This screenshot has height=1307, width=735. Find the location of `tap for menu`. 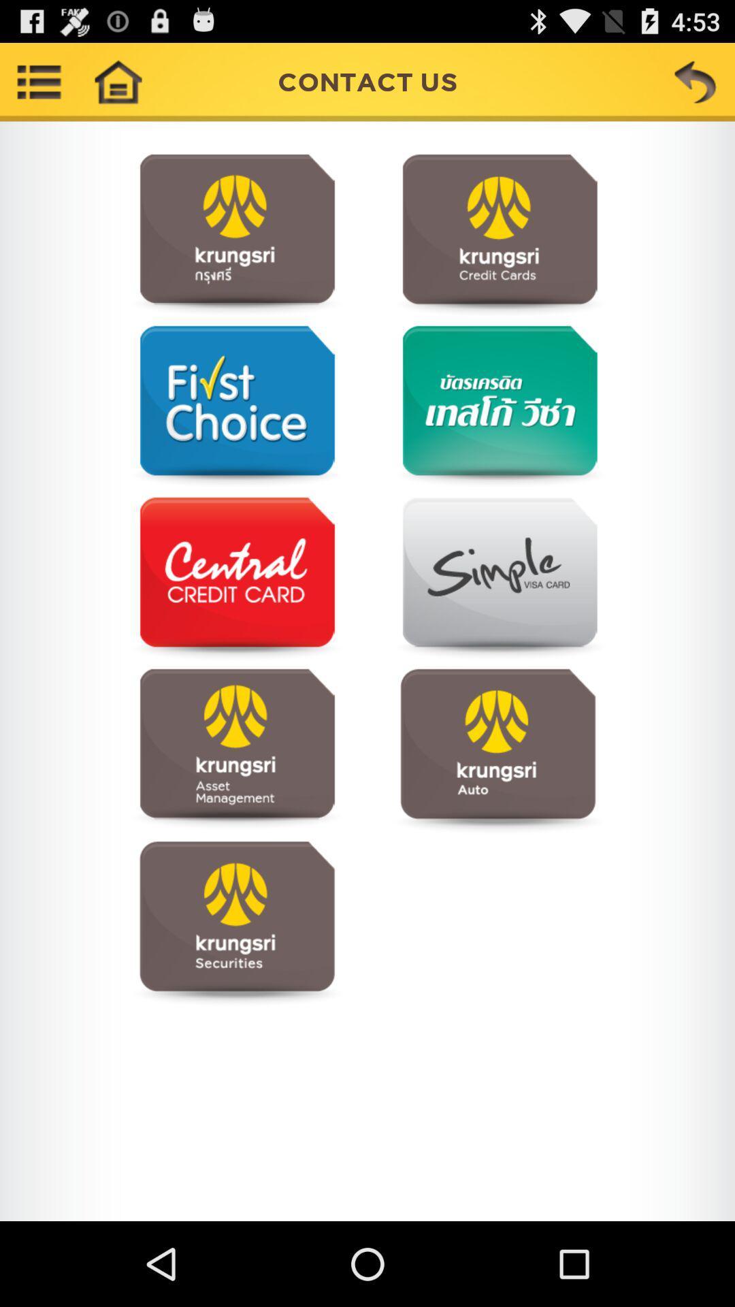

tap for menu is located at coordinates (236, 579).